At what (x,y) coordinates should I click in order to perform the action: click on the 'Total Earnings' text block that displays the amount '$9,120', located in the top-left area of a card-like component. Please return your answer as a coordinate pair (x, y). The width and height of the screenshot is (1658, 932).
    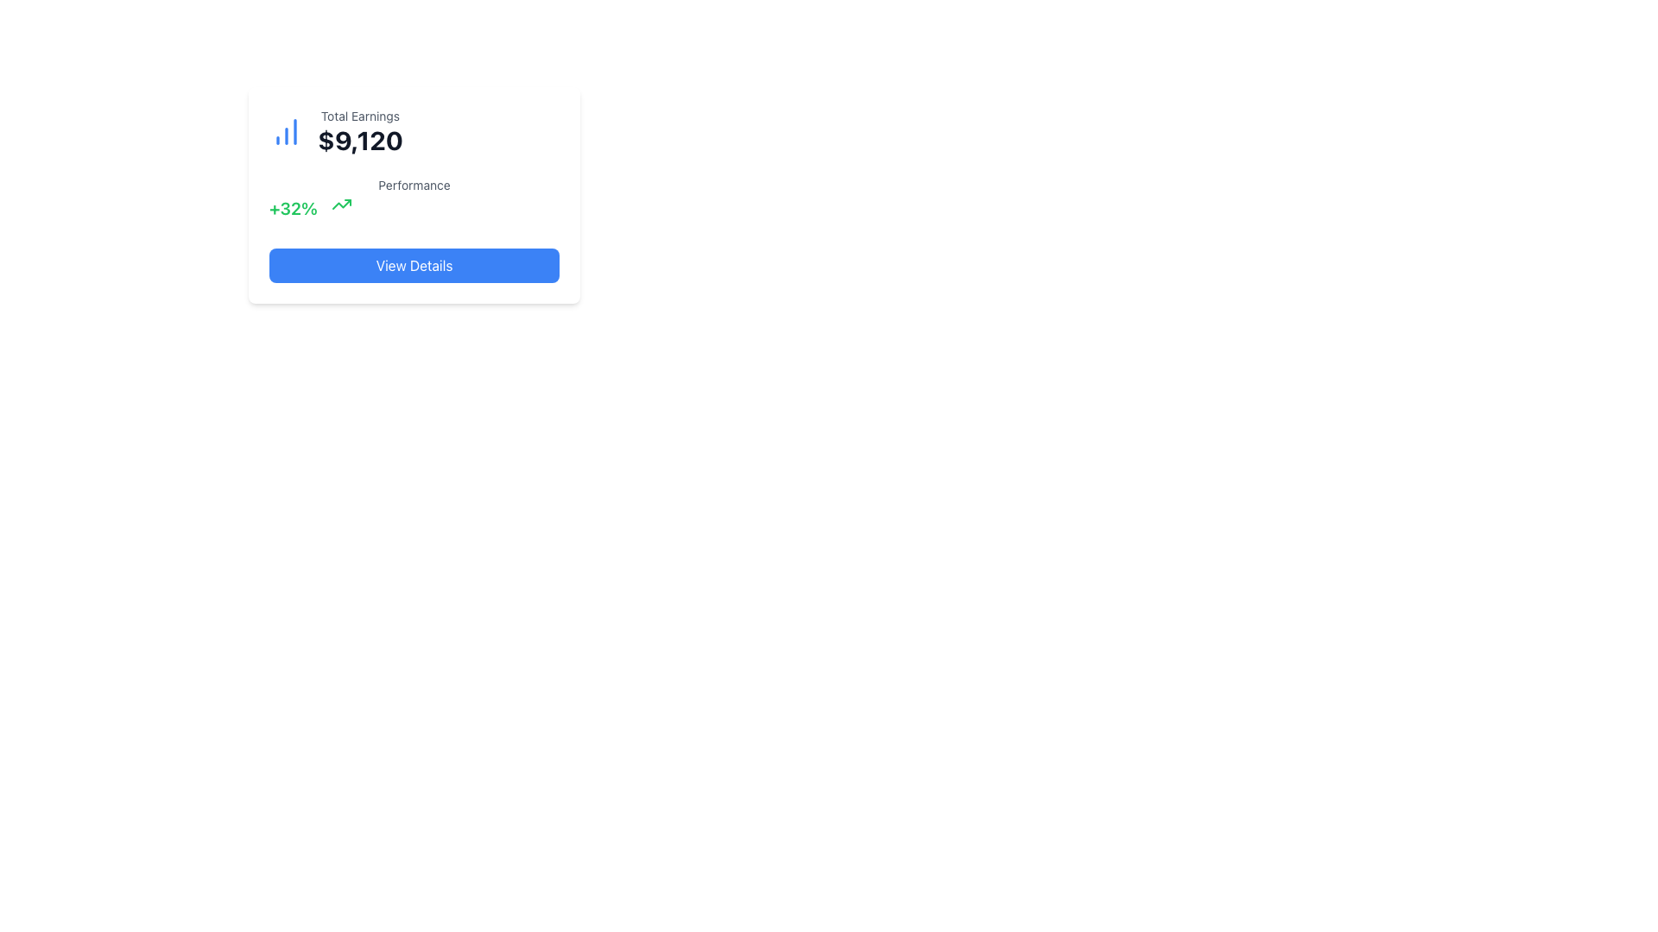
    Looking at the image, I should click on (359, 131).